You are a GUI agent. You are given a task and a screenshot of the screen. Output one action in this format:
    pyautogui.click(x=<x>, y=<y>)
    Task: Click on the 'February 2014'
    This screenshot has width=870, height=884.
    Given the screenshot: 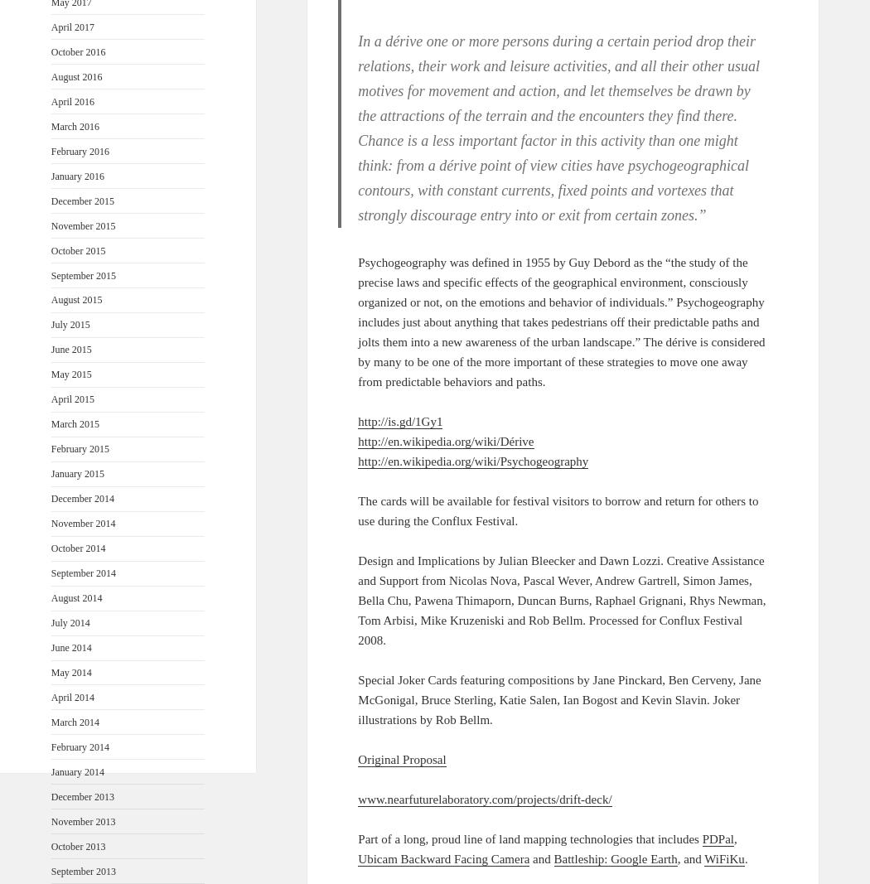 What is the action you would take?
    pyautogui.click(x=80, y=746)
    